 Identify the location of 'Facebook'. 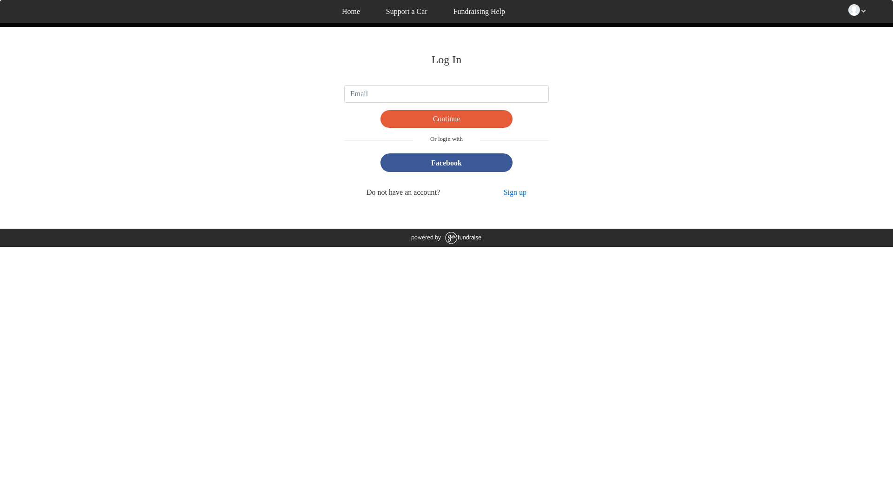
(446, 162).